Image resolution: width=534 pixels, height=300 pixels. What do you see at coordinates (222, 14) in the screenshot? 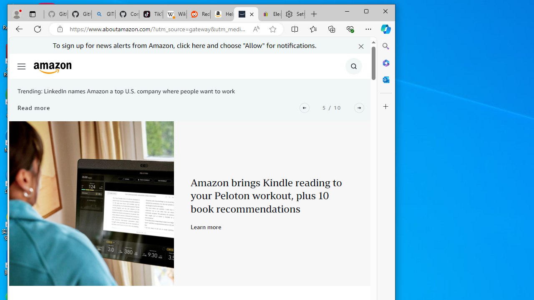
I see `'Help & Contact Us - Amazon Customer Service'` at bounding box center [222, 14].